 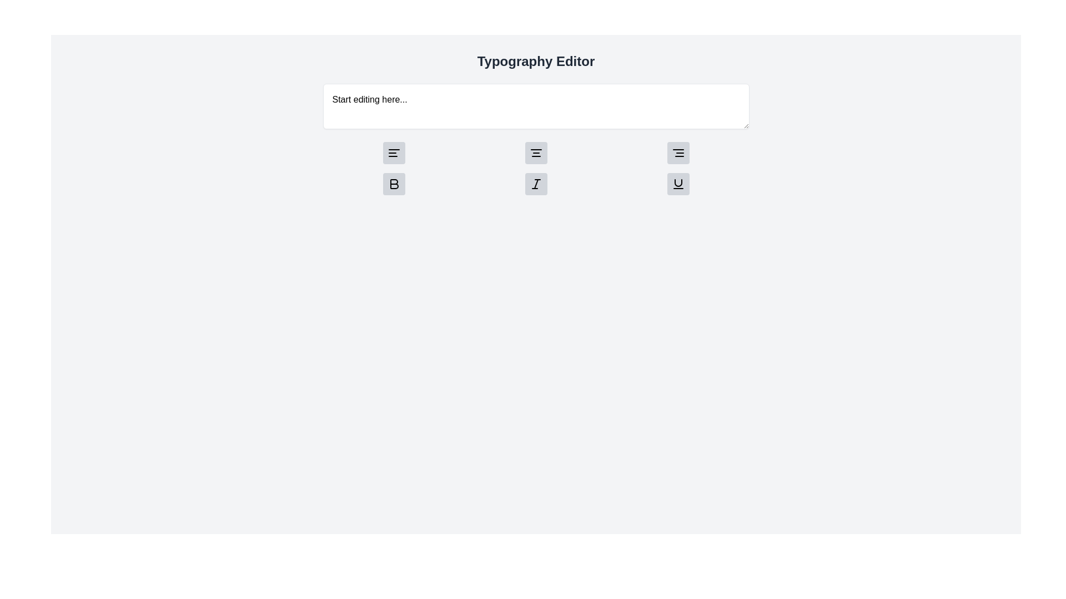 I want to click on the third button in the text formatting row to apply underline formatting to the selected text, so click(x=677, y=183).